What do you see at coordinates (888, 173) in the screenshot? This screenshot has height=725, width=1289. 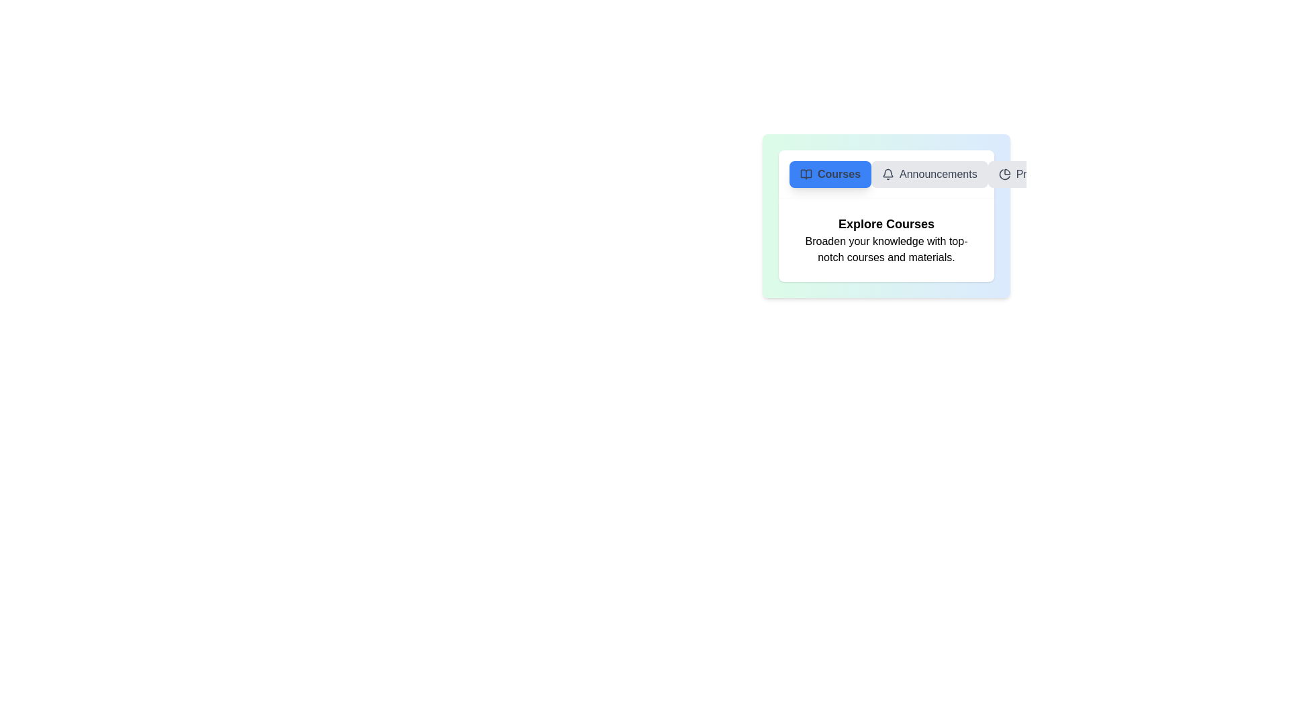 I see `the decorative icon representing notifications in the 'Announcements' button group, which enhances the user's ability to associate the button with updates or alerts` at bounding box center [888, 173].